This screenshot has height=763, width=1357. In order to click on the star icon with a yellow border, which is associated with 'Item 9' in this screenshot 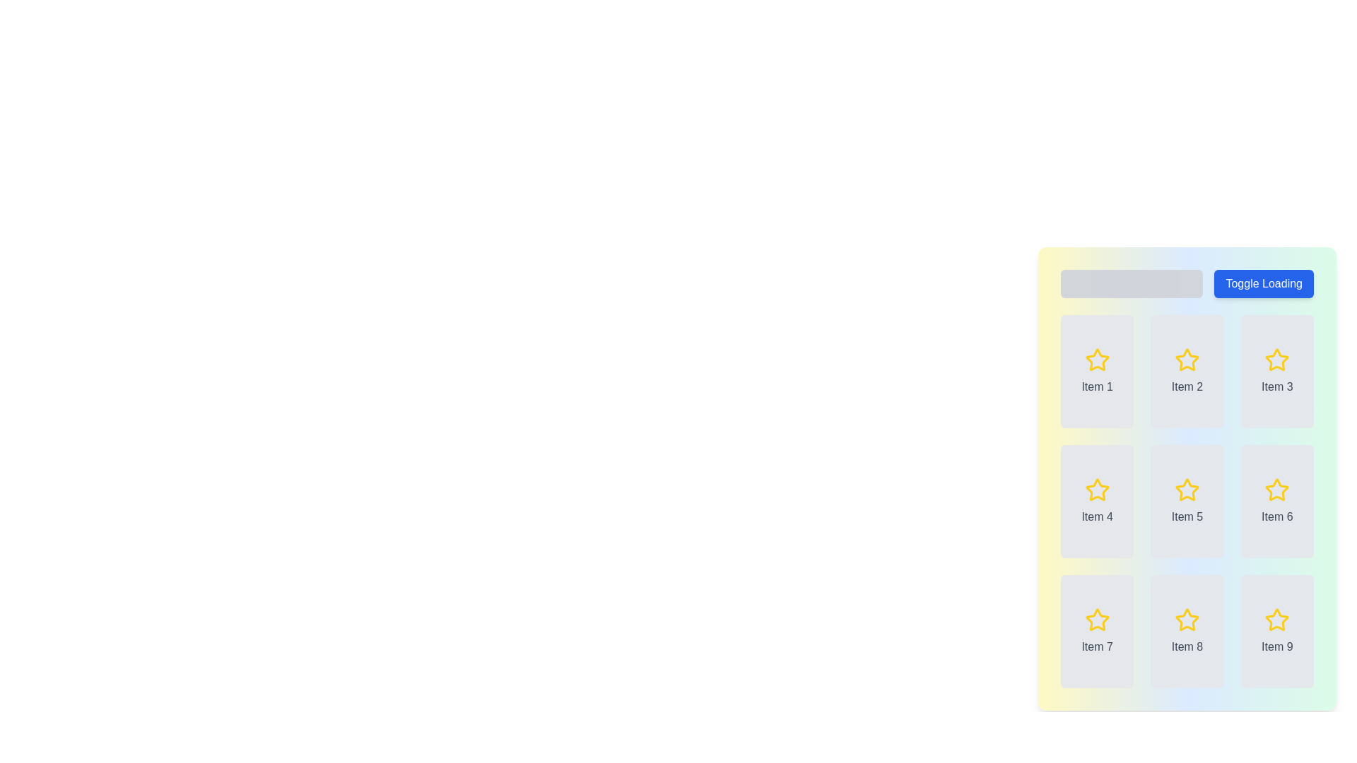, I will do `click(1277, 619)`.